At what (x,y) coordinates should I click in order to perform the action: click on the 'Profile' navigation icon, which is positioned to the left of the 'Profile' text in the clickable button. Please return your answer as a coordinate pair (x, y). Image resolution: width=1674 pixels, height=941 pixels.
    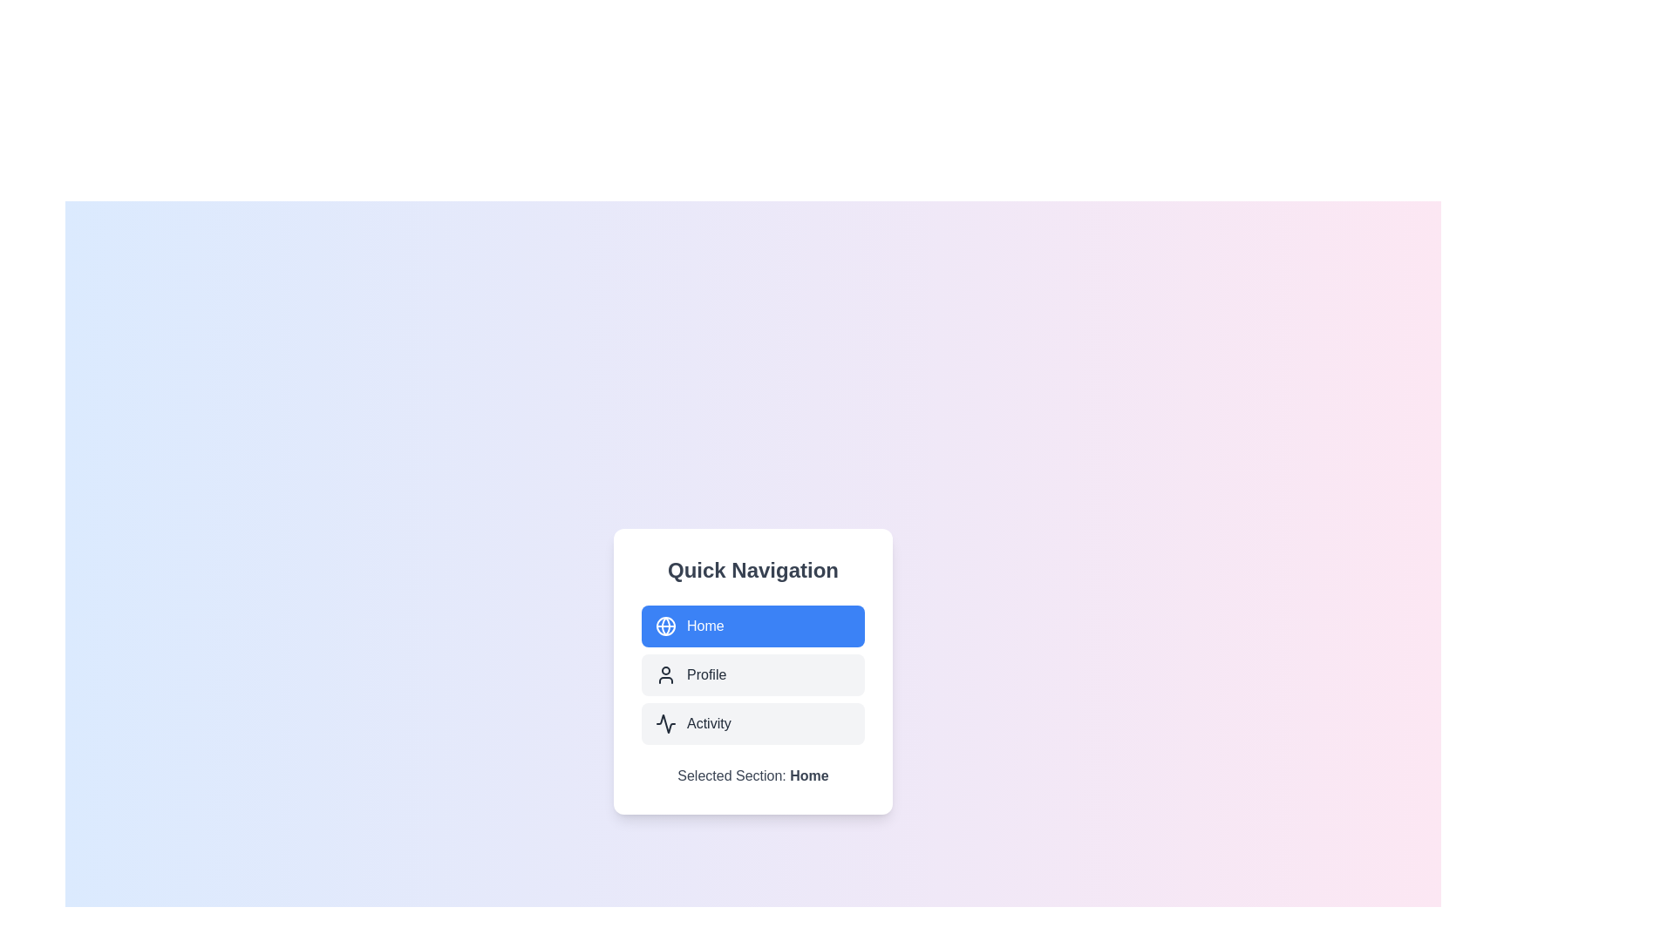
    Looking at the image, I should click on (664, 674).